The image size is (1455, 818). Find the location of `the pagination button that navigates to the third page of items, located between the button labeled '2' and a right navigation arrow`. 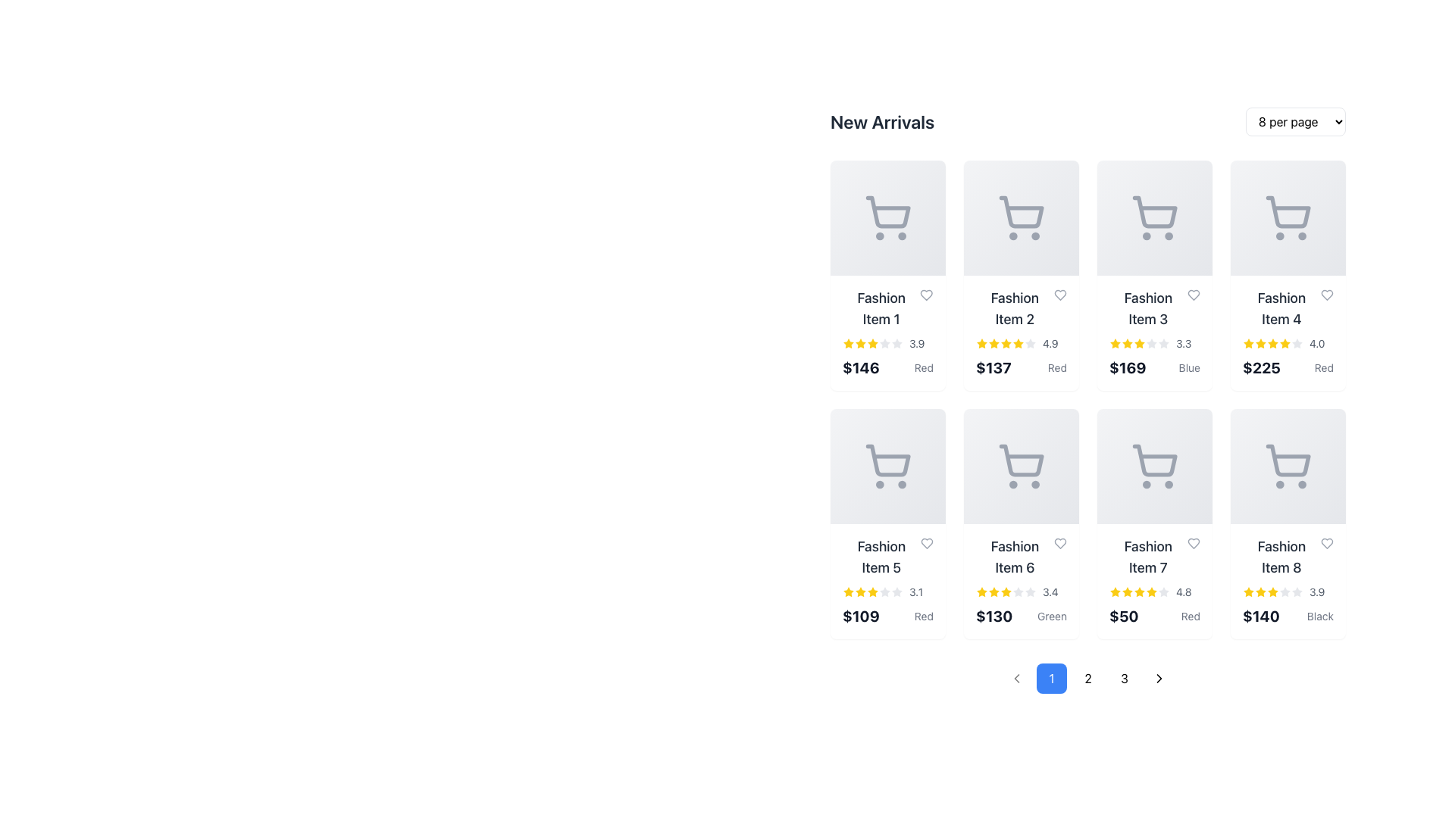

the pagination button that navigates to the third page of items, located between the button labeled '2' and a right navigation arrow is located at coordinates (1124, 677).